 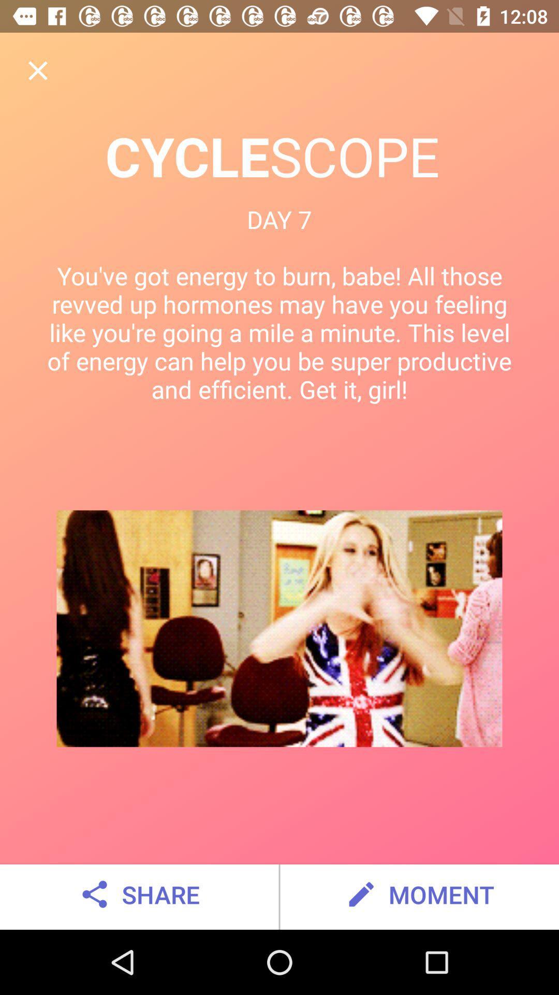 I want to click on share at the bottom left corner, so click(x=138, y=894).